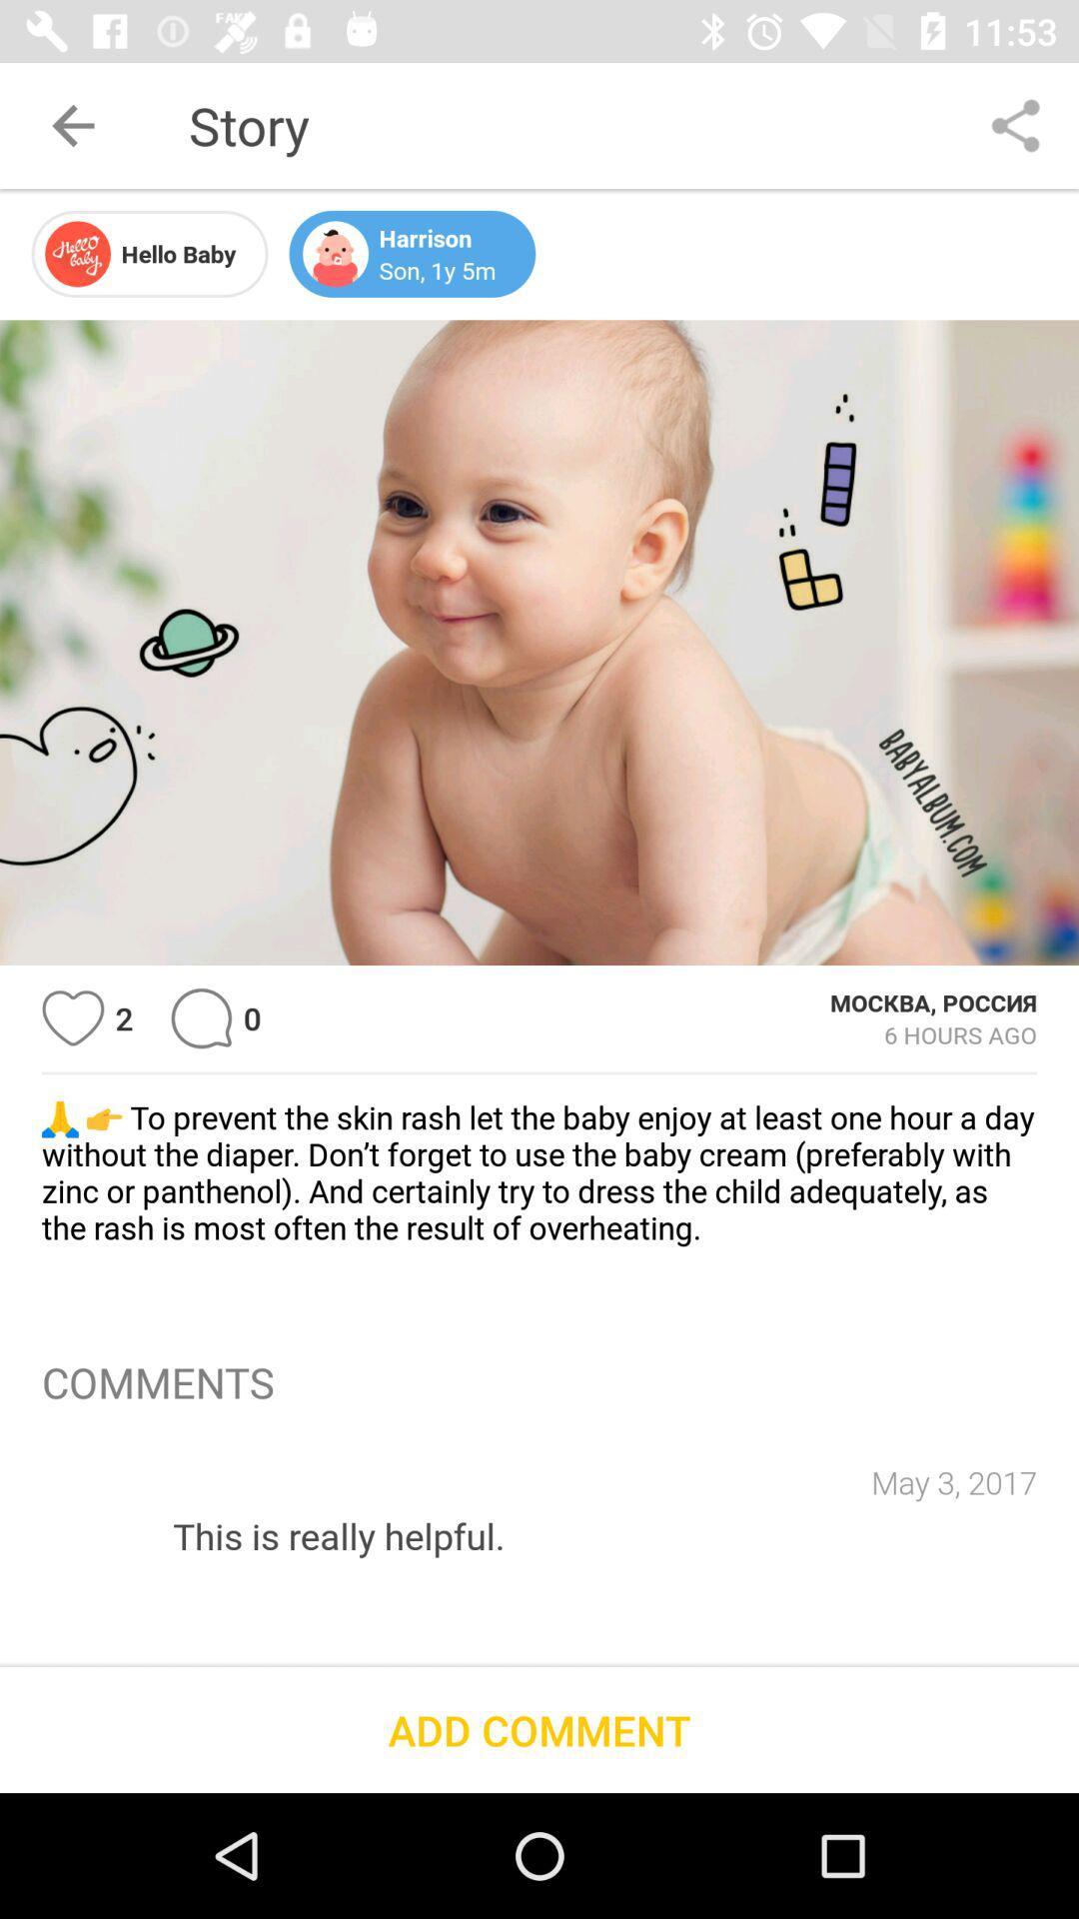  What do you see at coordinates (1016, 124) in the screenshot?
I see `share icon on top right side of the page` at bounding box center [1016, 124].